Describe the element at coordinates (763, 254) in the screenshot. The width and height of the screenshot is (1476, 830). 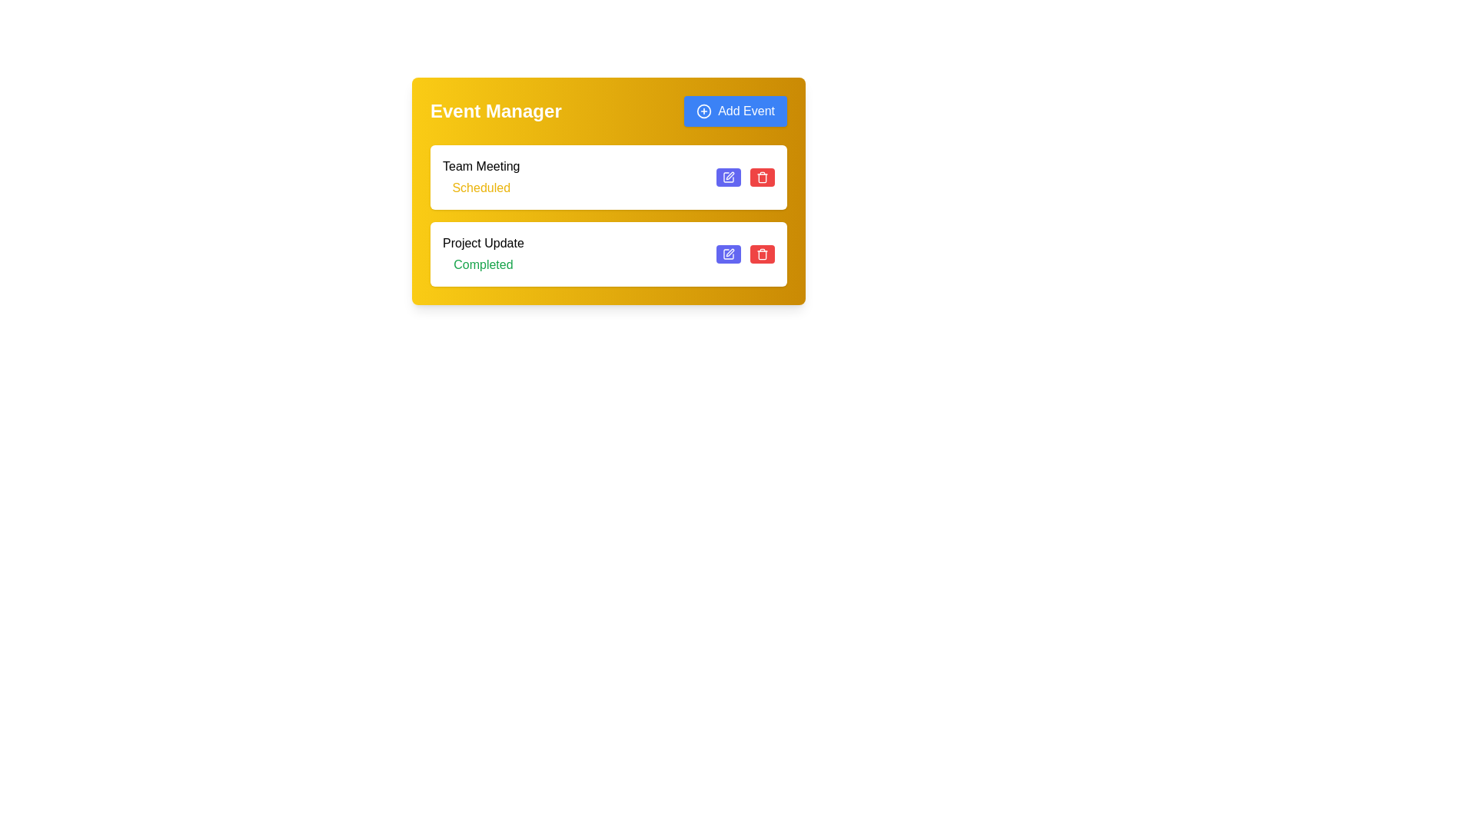
I see `the delete button located on the far right of the second list item titled 'Project Update' with status 'Completed'` at that location.